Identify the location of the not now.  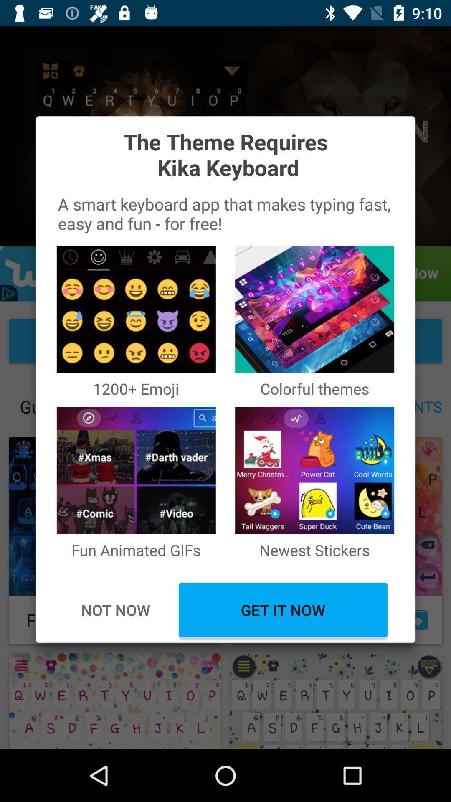
(115, 610).